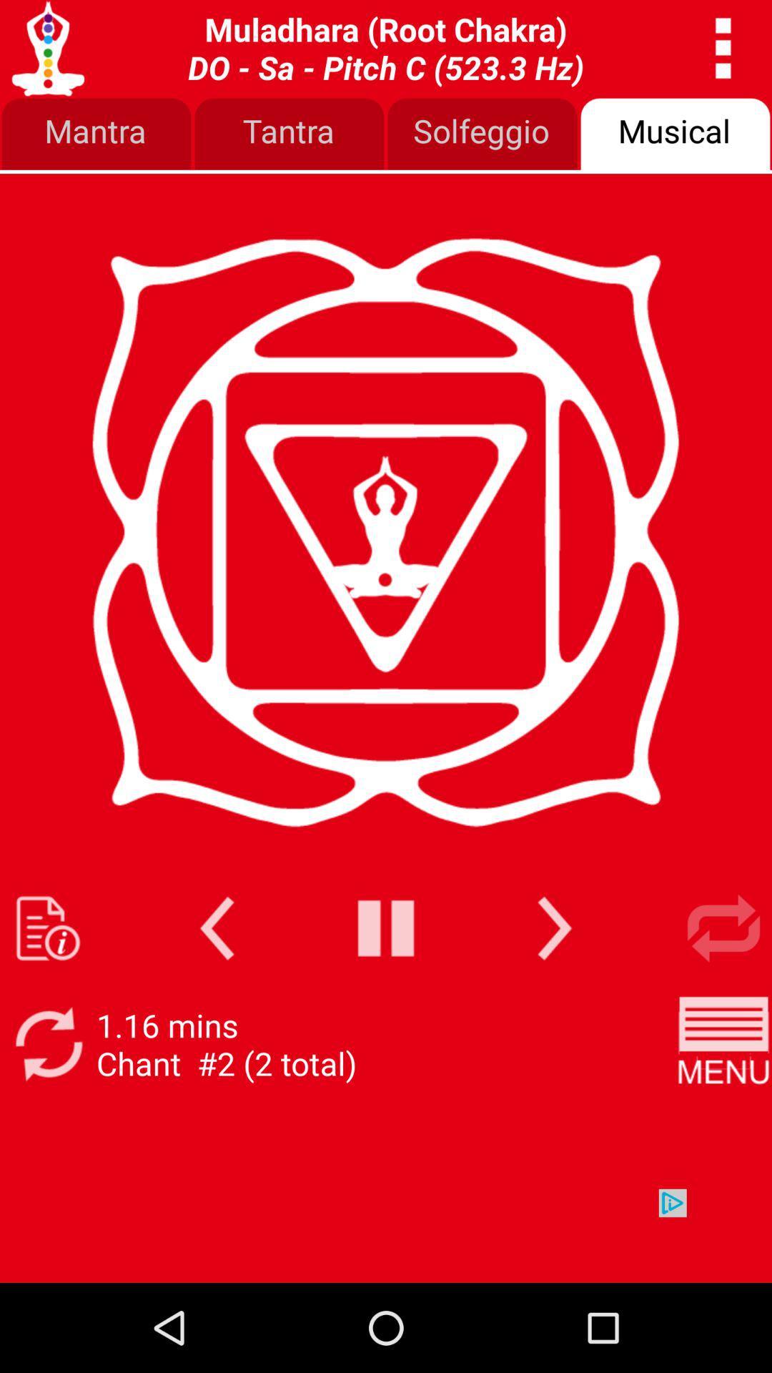  I want to click on repeat, so click(723, 928).